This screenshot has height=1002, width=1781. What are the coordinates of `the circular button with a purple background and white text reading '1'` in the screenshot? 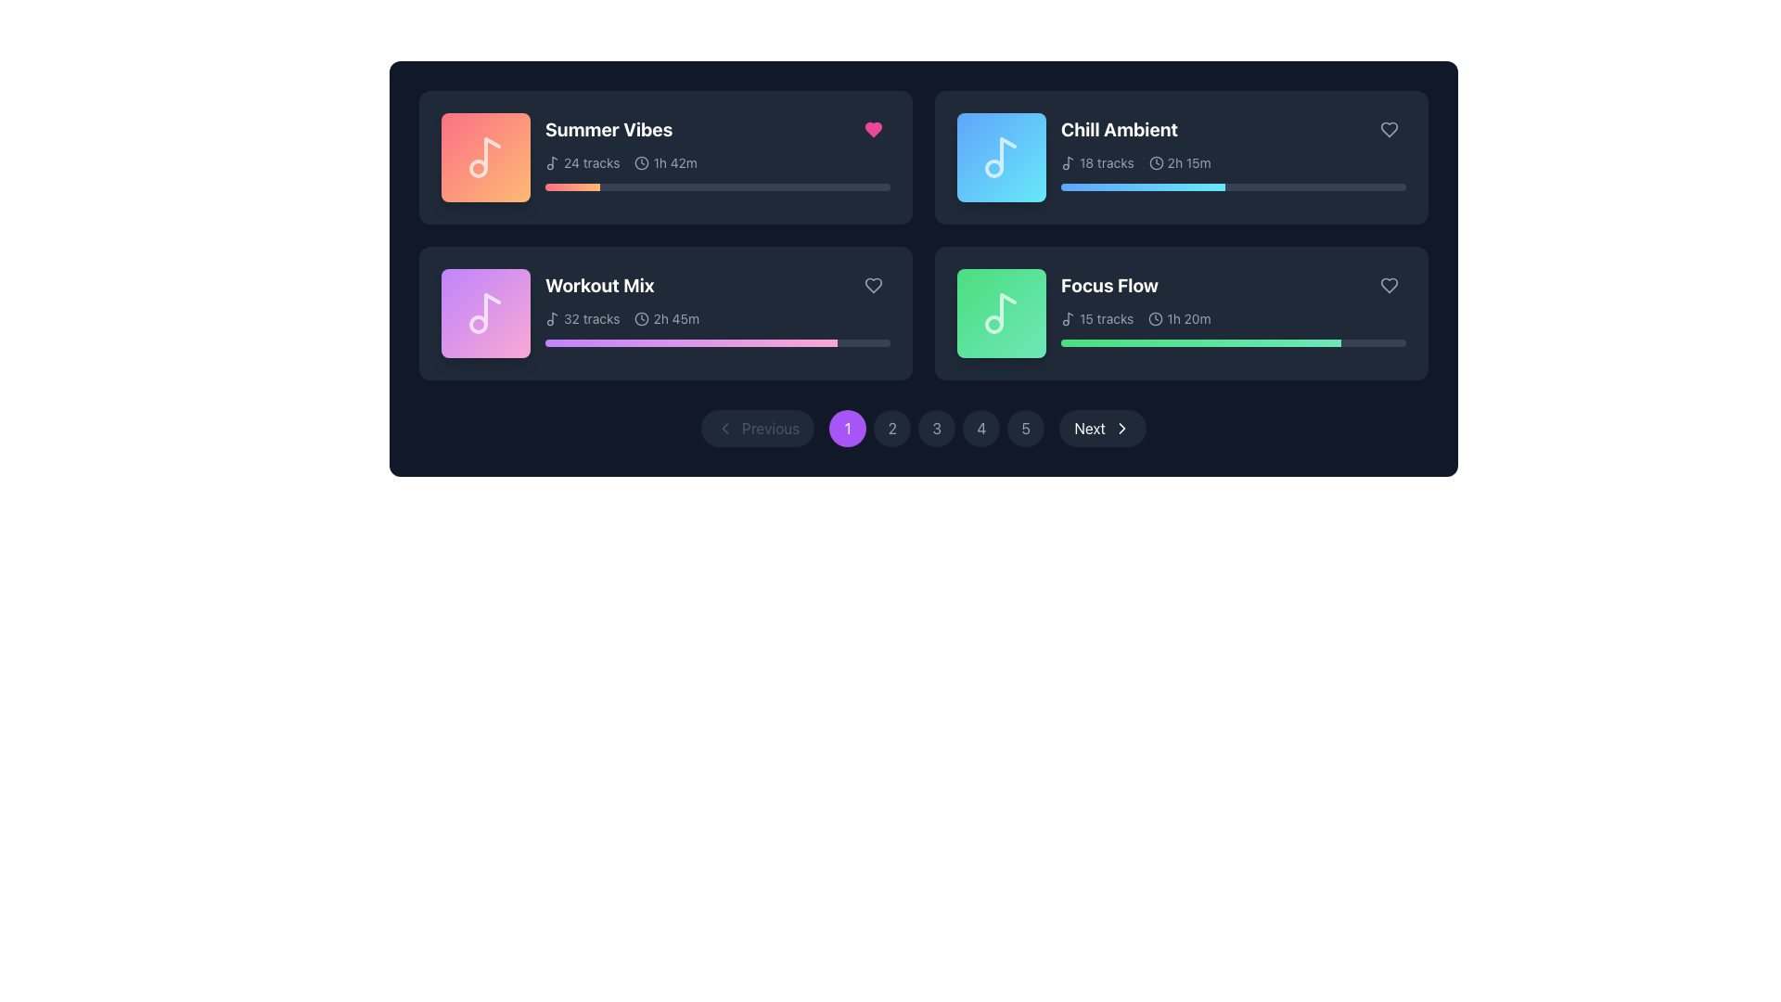 It's located at (847, 429).